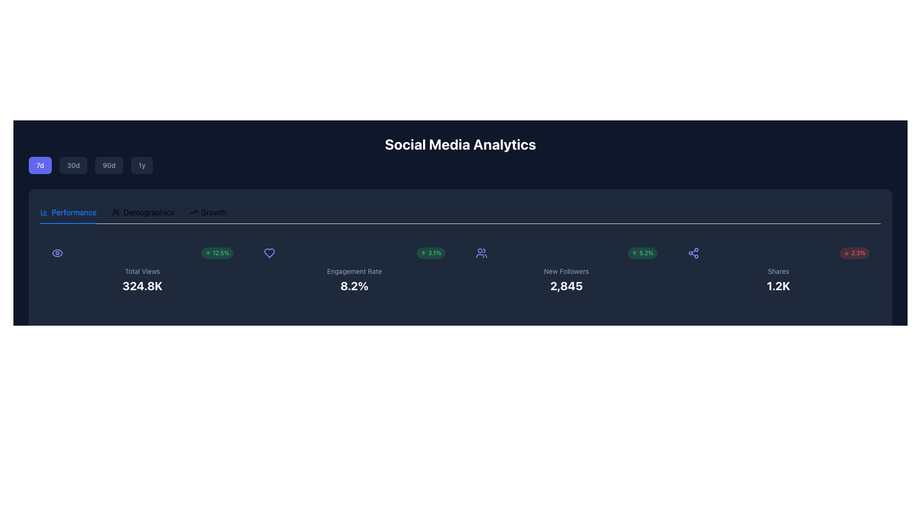 This screenshot has height=518, width=921. Describe the element at coordinates (109, 165) in the screenshot. I see `the third button in the horizontal group of four buttons located in the leftmost section of the interface's header` at that location.